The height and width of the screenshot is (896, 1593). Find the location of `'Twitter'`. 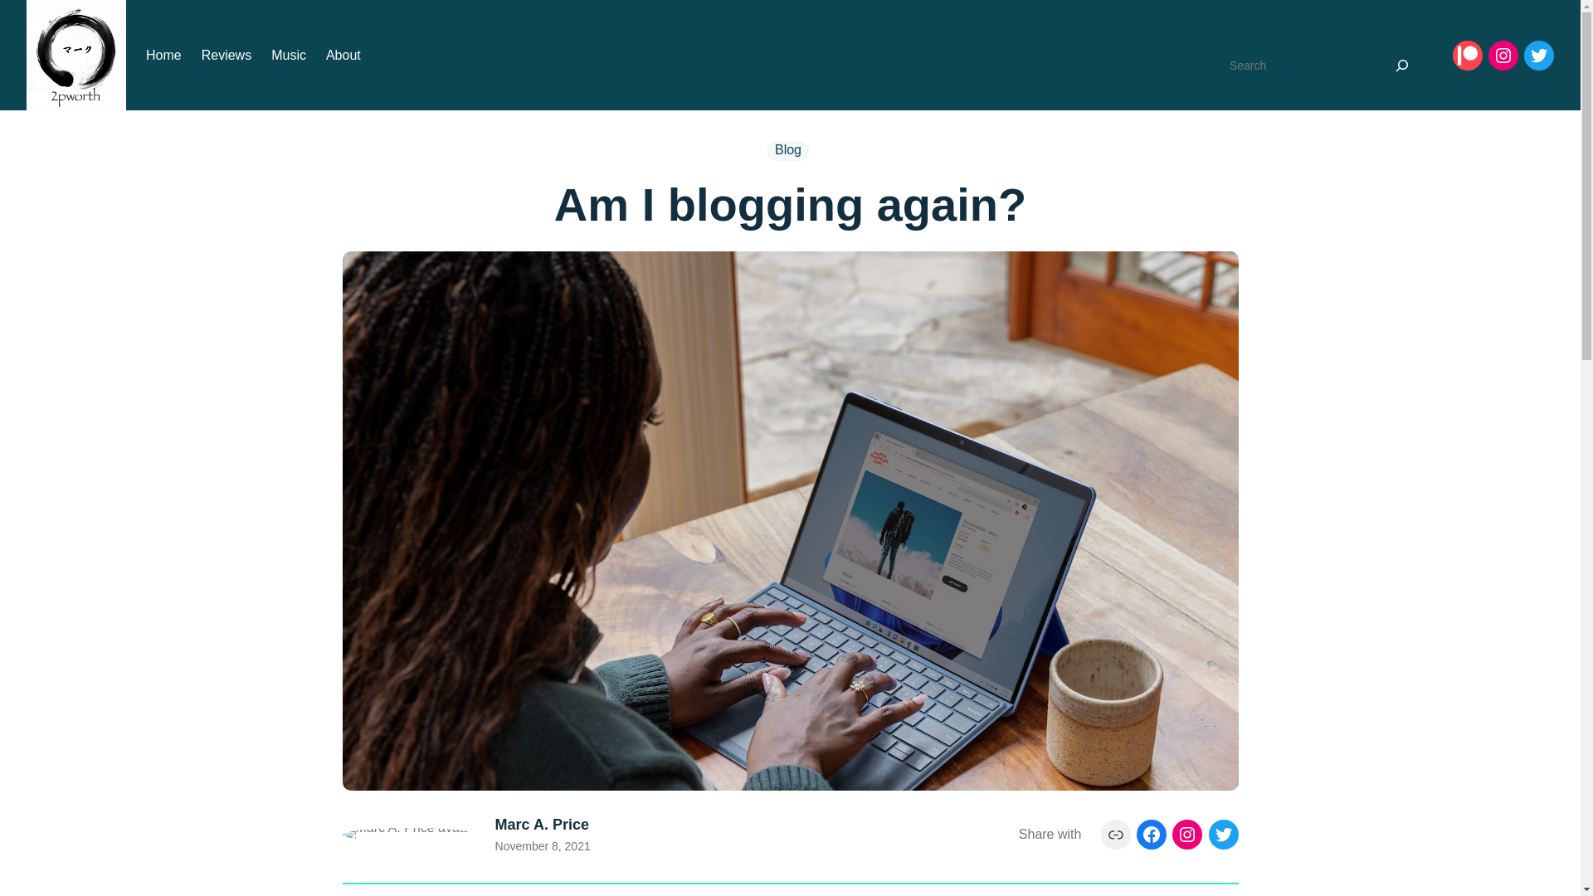

'Twitter' is located at coordinates (1537, 54).